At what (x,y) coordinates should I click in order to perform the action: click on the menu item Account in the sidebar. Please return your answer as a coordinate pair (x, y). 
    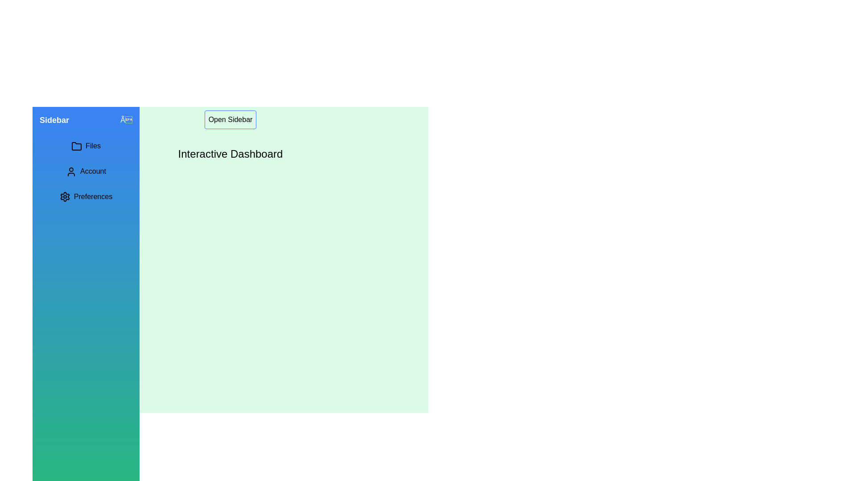
    Looking at the image, I should click on (86, 171).